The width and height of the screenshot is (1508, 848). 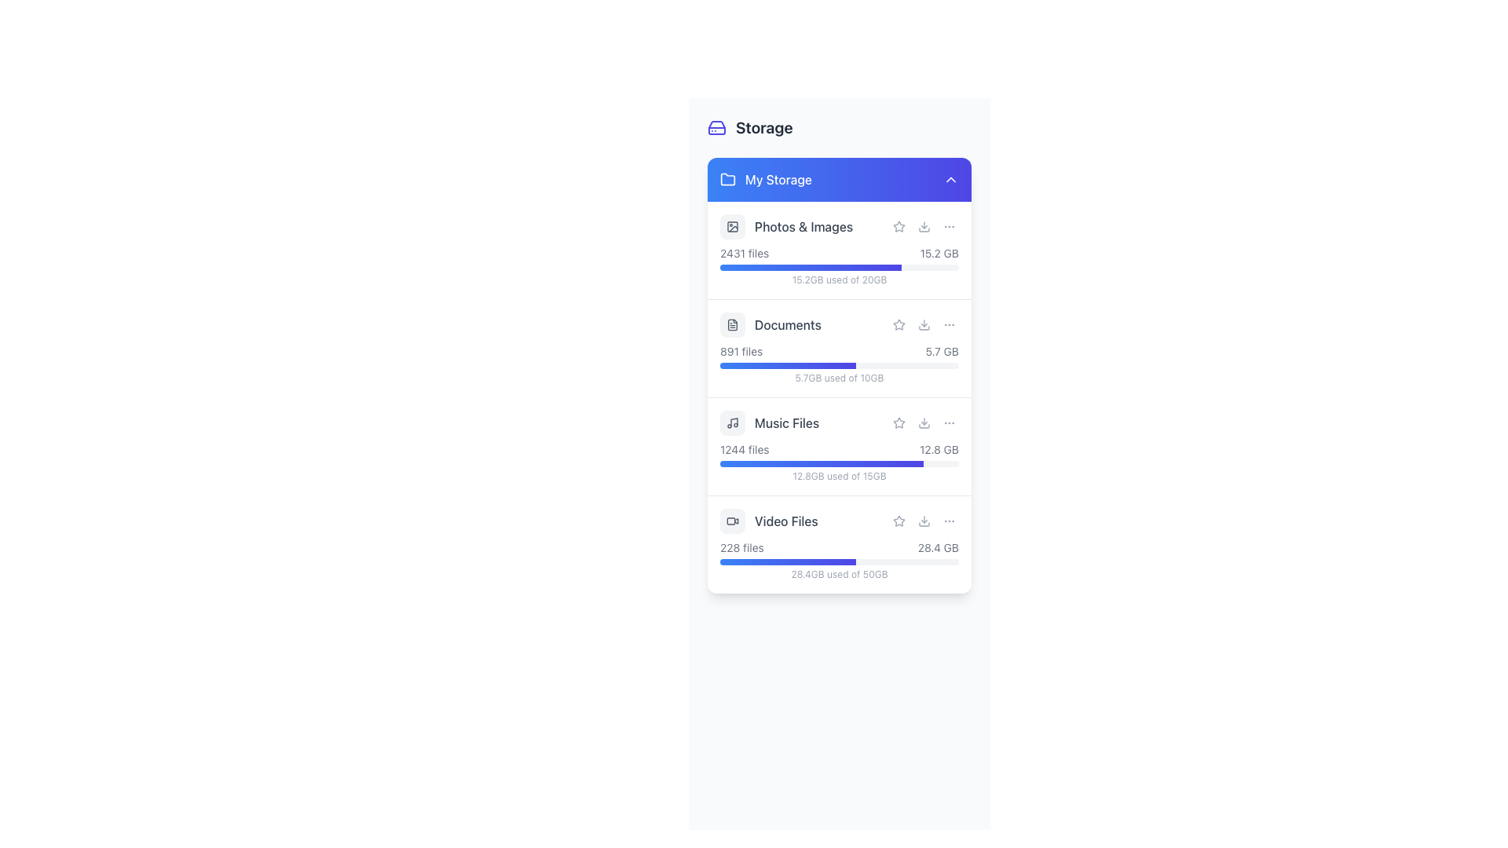 I want to click on the SVG-based icon representing the 'Documents' file type within the 'My Storage' section, so click(x=731, y=323).